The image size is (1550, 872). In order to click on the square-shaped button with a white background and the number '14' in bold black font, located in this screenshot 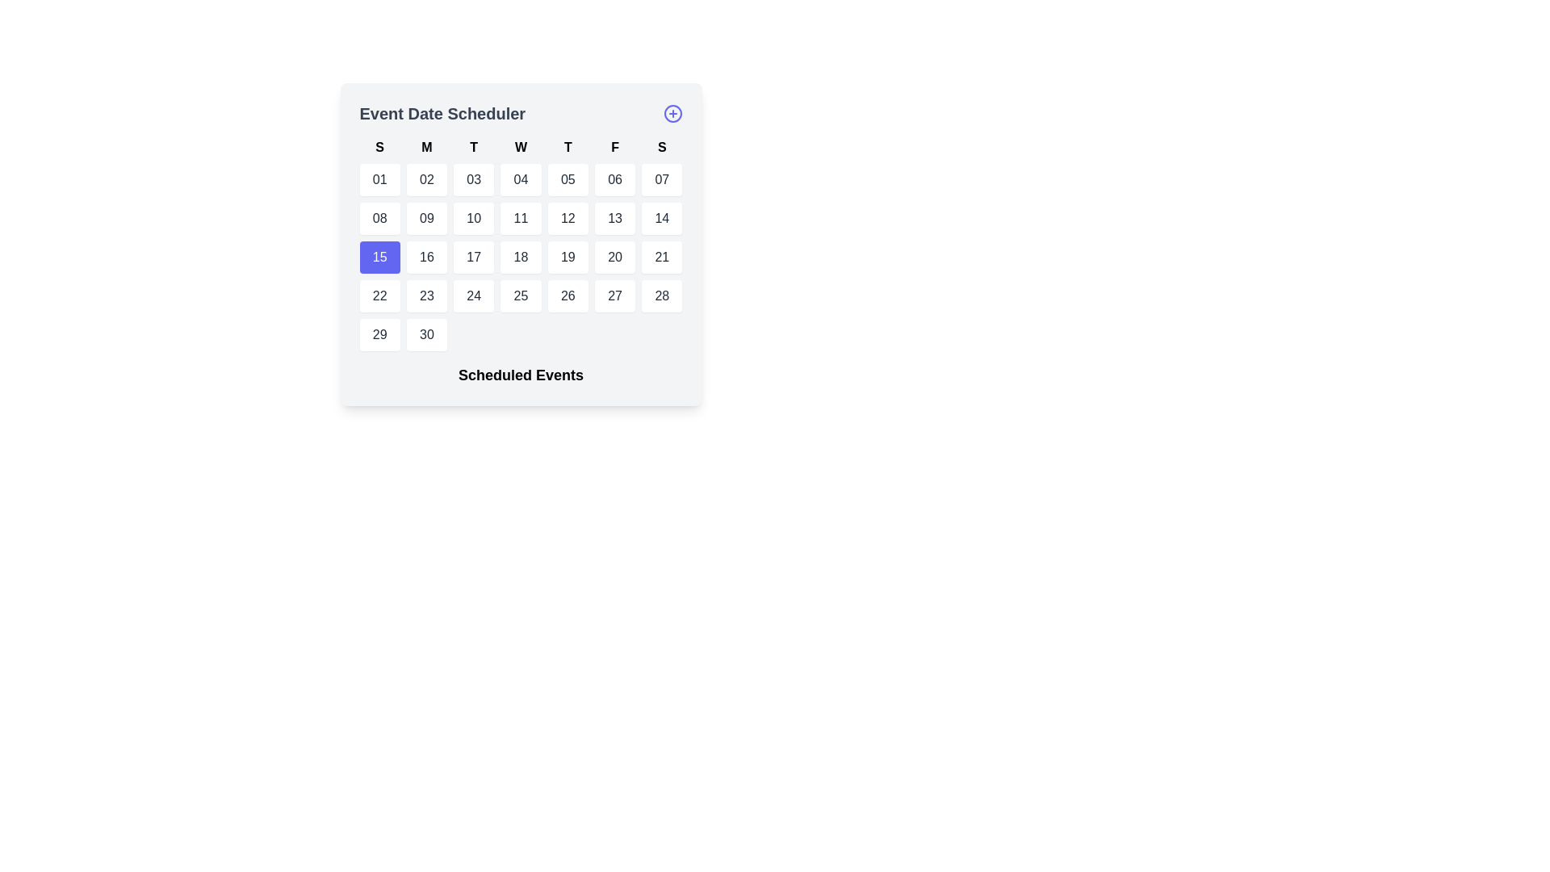, I will do `click(662, 218)`.